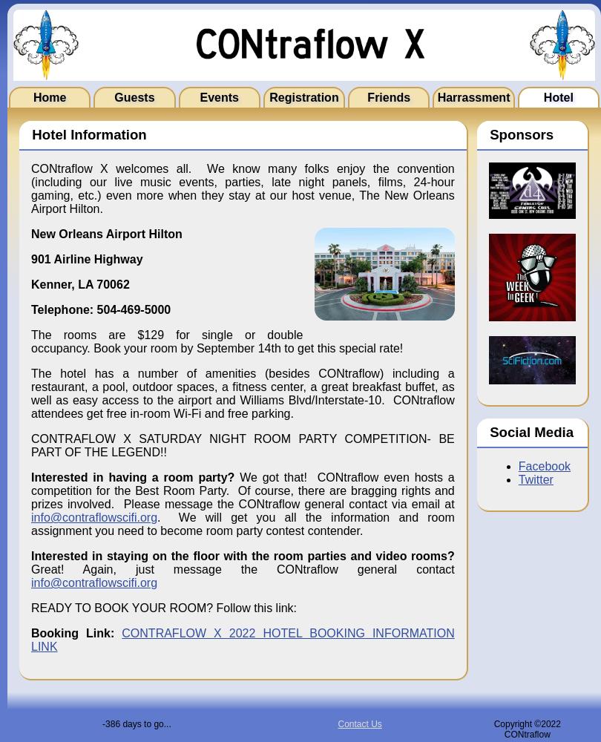 The width and height of the screenshot is (601, 742). What do you see at coordinates (137, 723) in the screenshot?
I see `'-386 days to go...'` at bounding box center [137, 723].